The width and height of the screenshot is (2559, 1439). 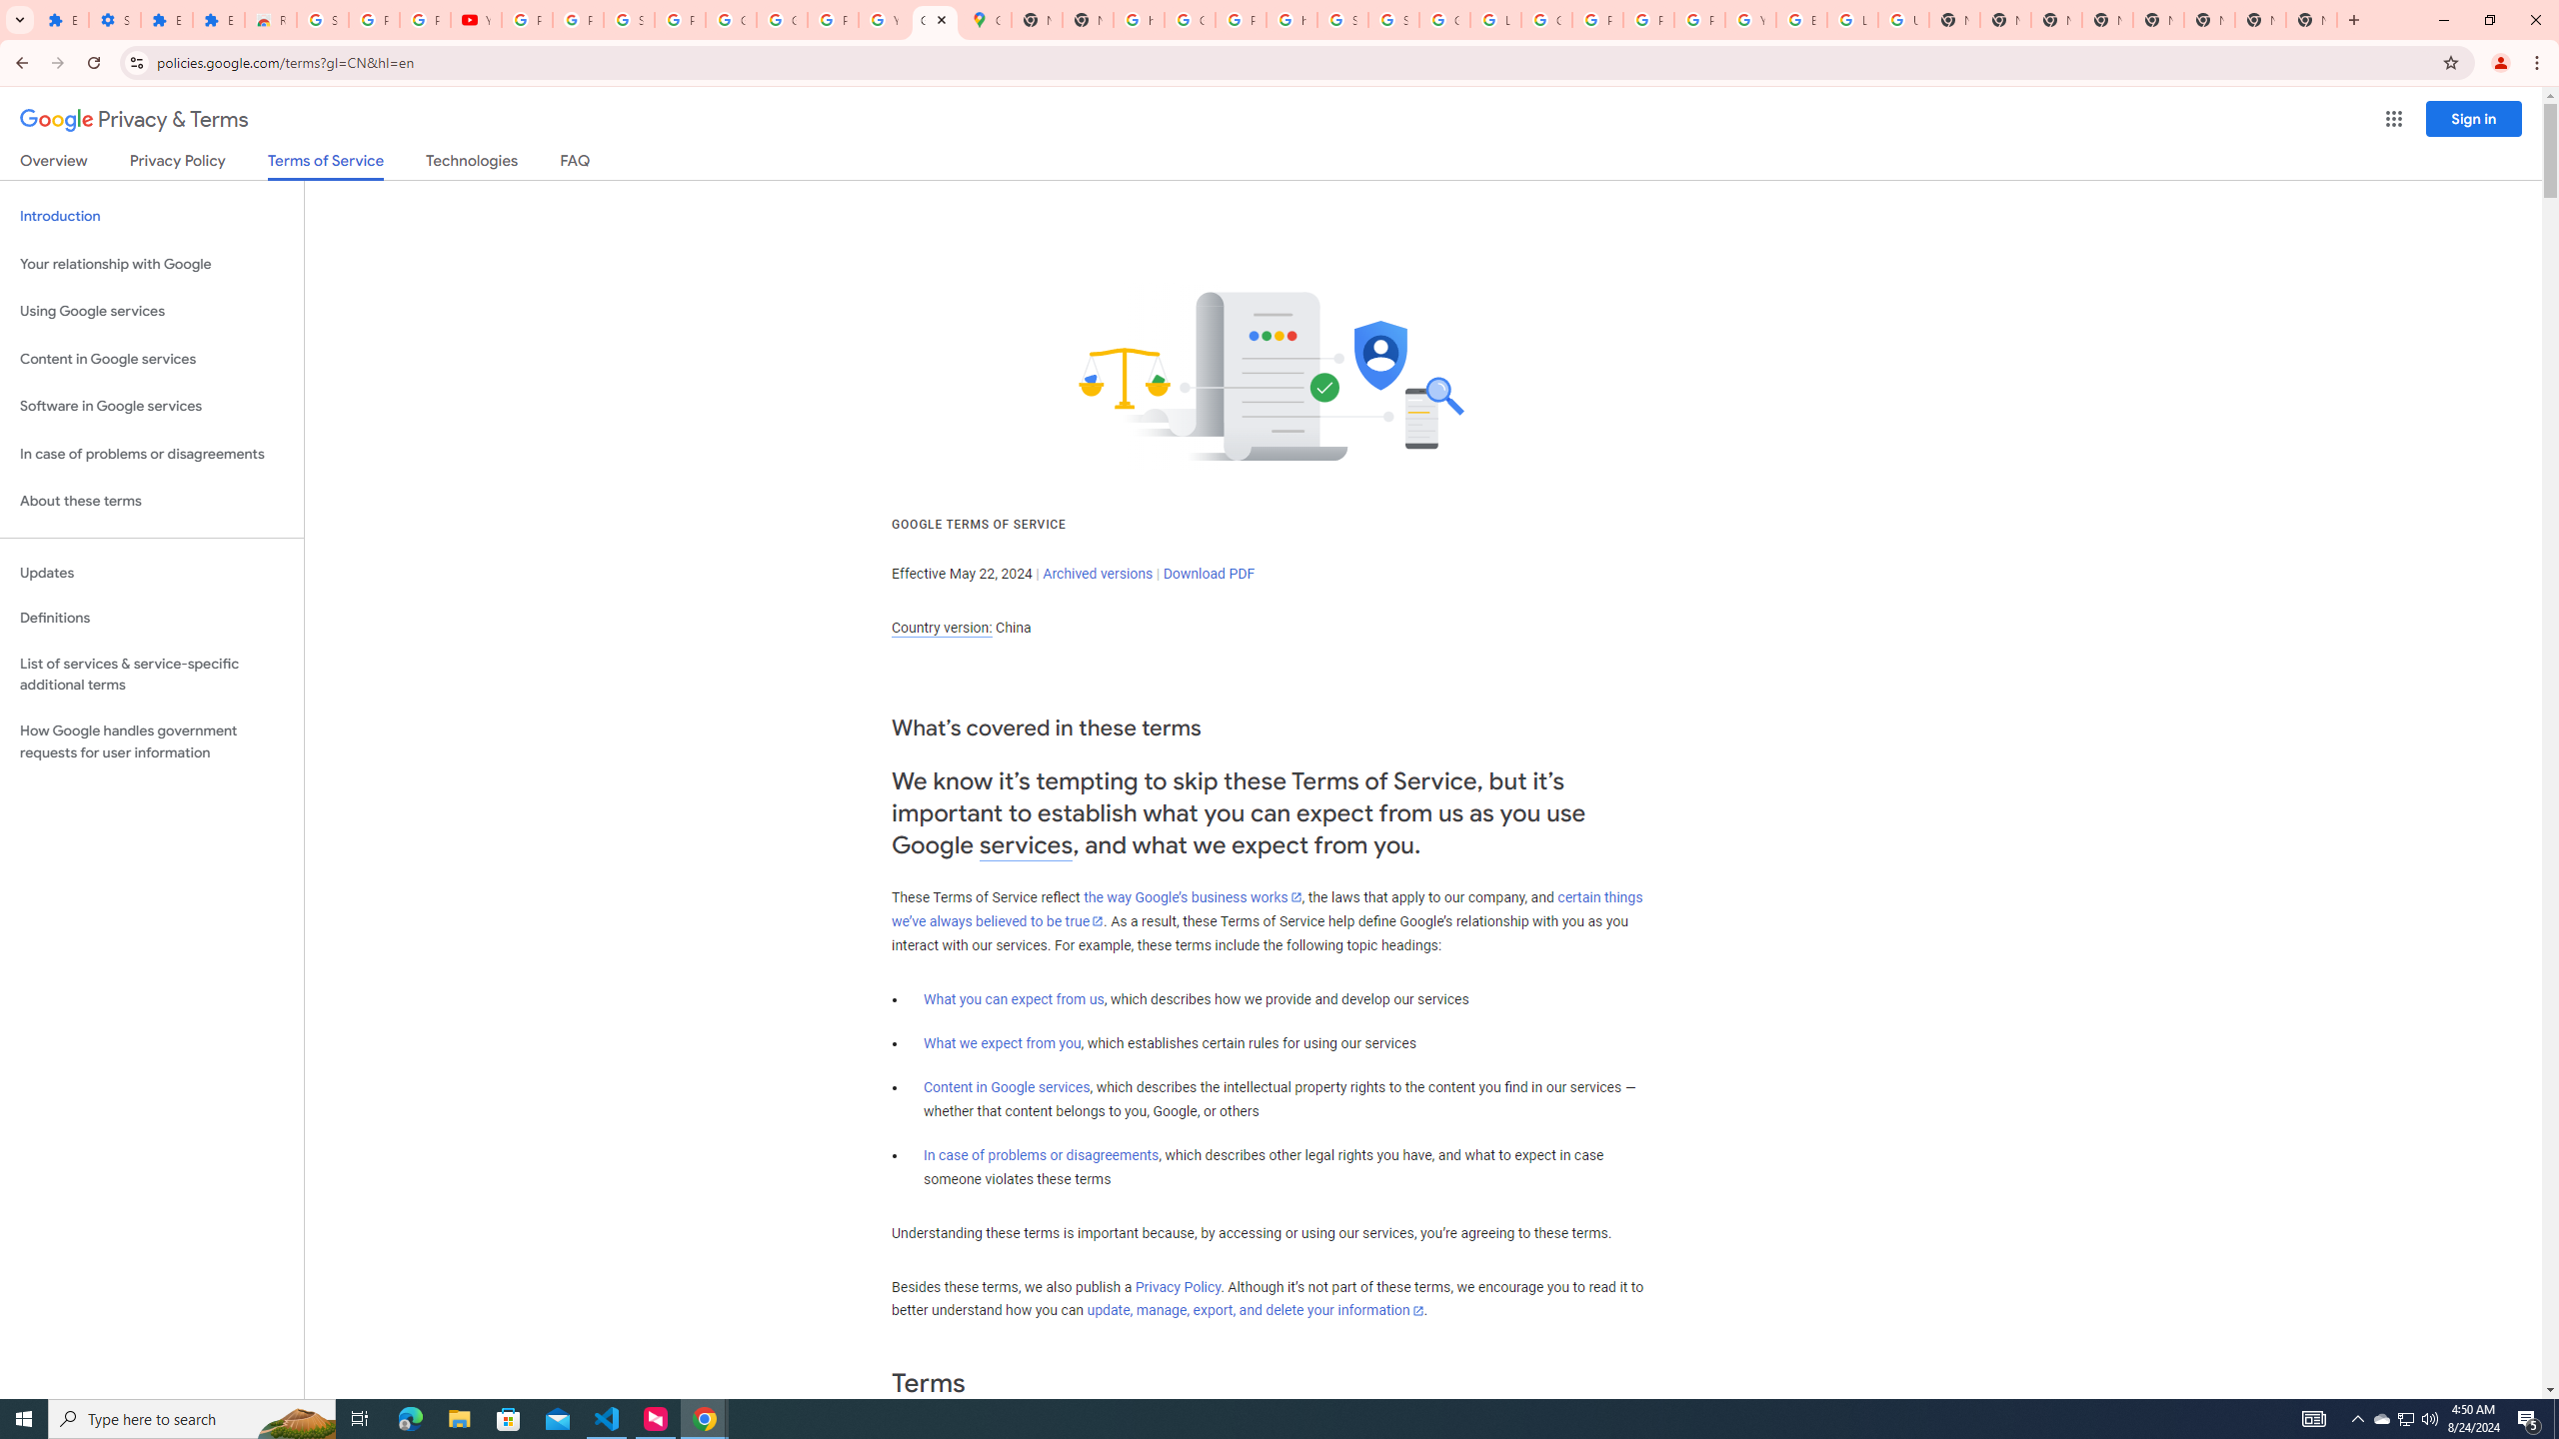 What do you see at coordinates (270, 19) in the screenshot?
I see `'Reviews: Helix Fruit Jump Arcade Game'` at bounding box center [270, 19].